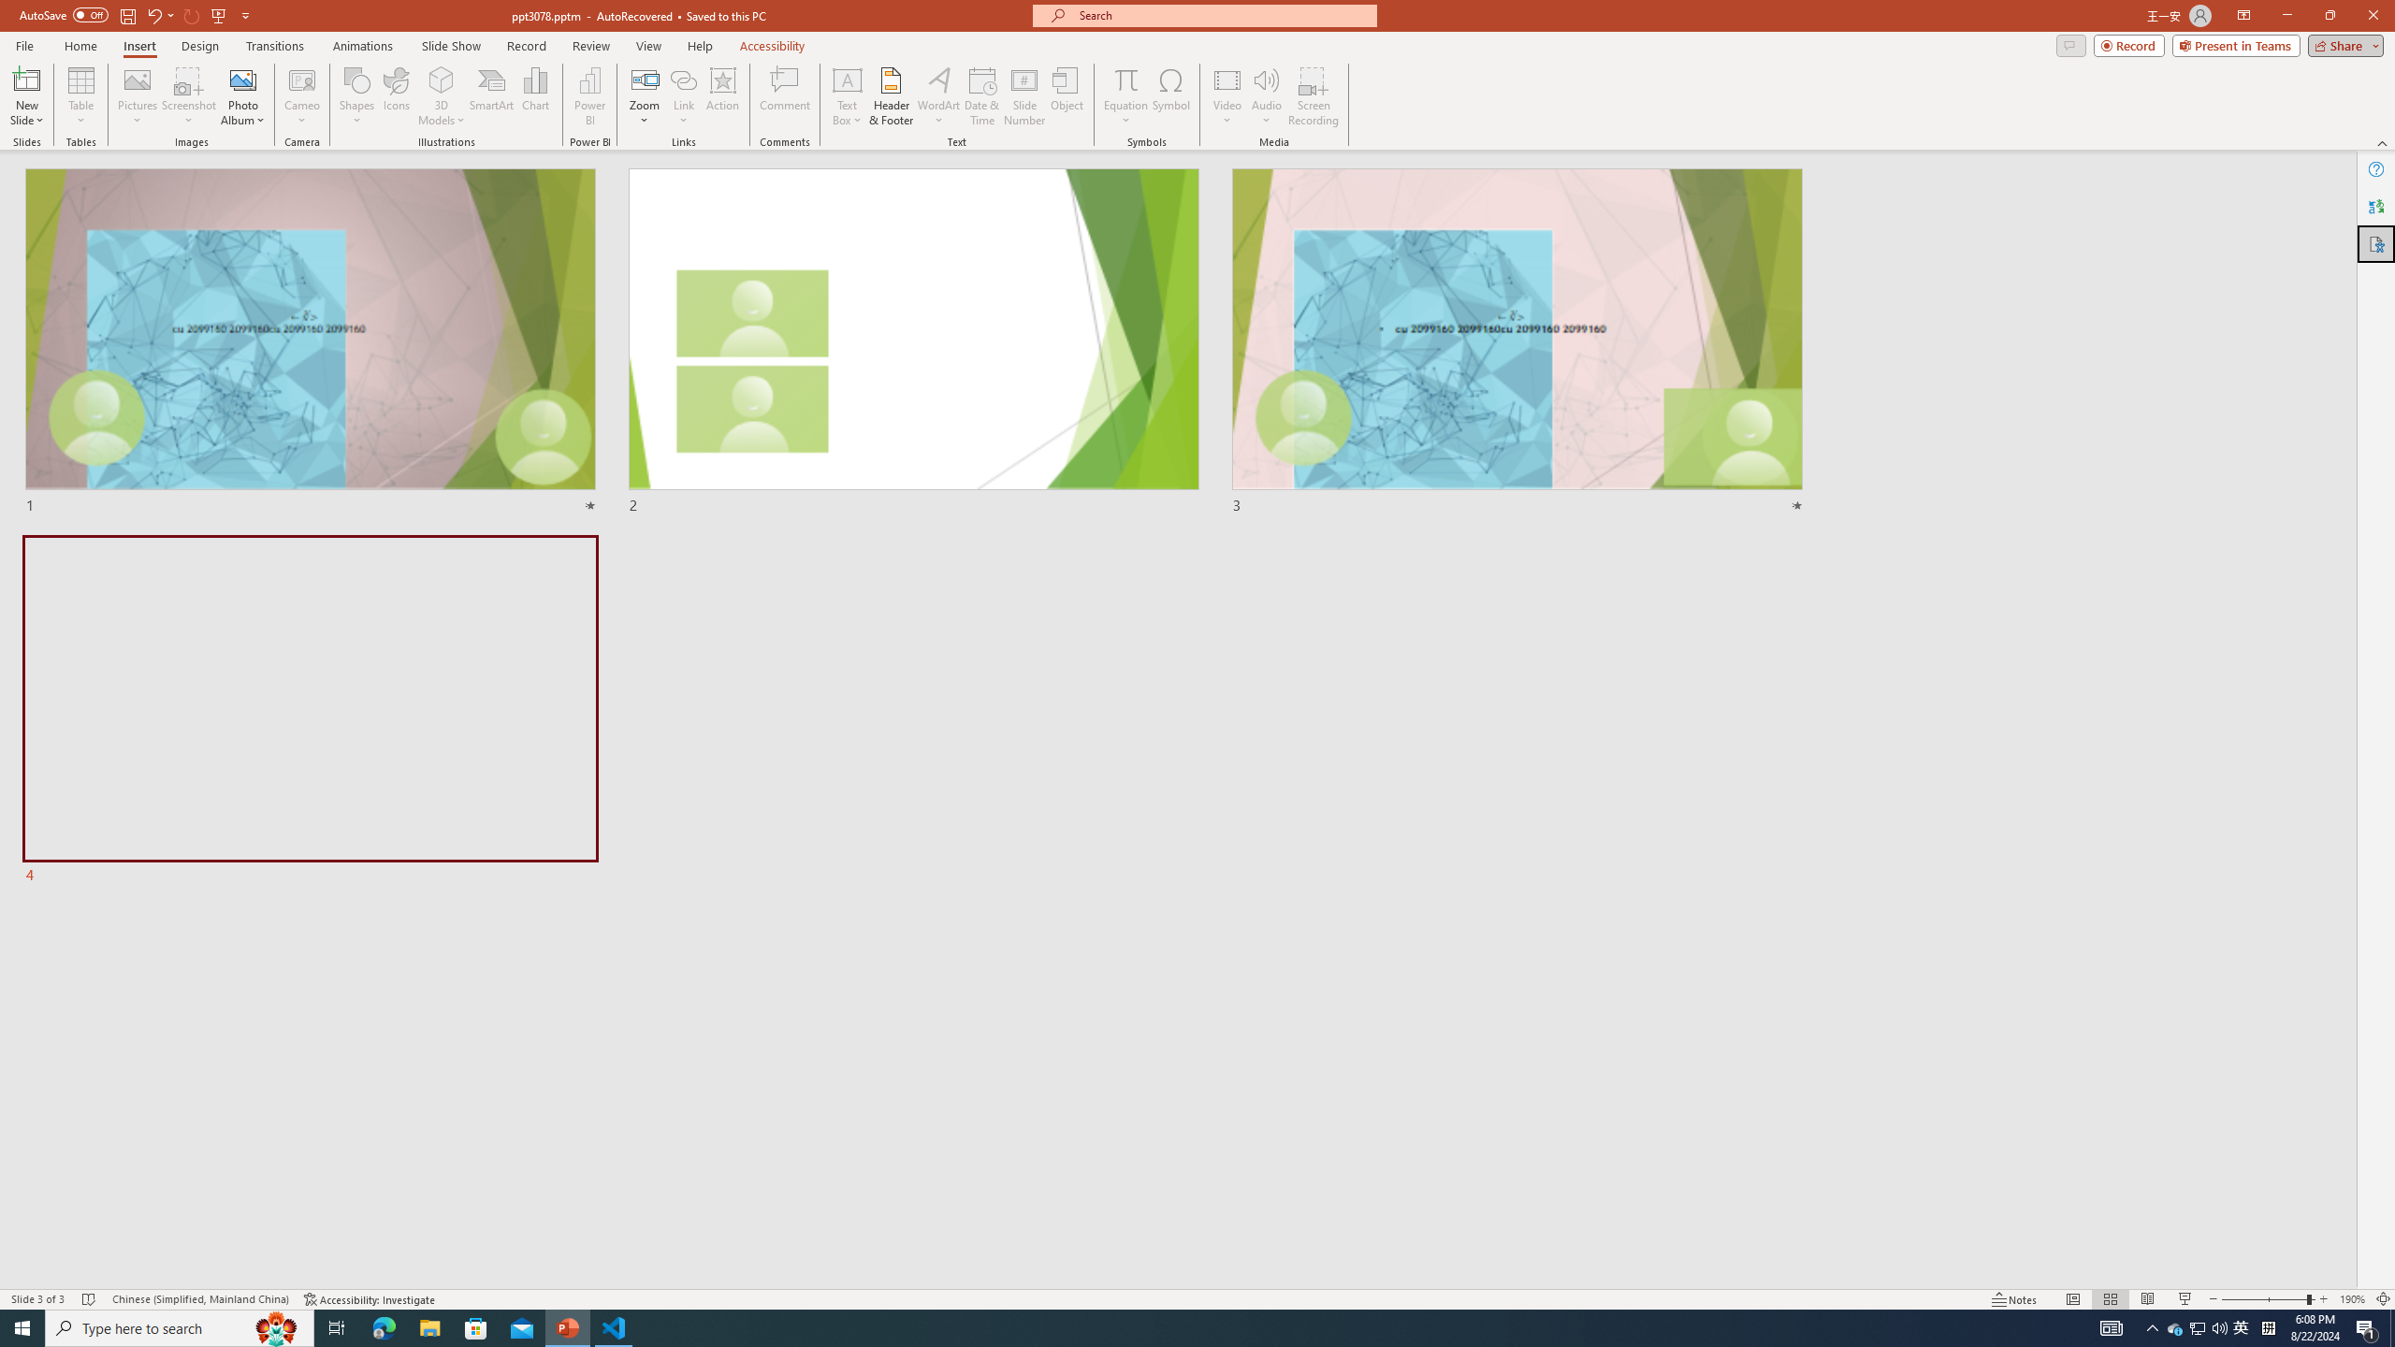 The image size is (2395, 1347). What do you see at coordinates (80, 96) in the screenshot?
I see `'Table'` at bounding box center [80, 96].